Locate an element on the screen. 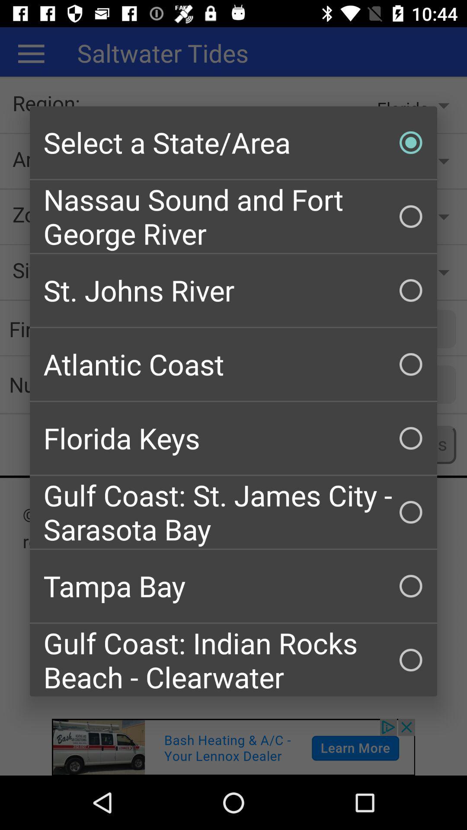 The image size is (467, 830). item above gulf coast st is located at coordinates (233, 438).